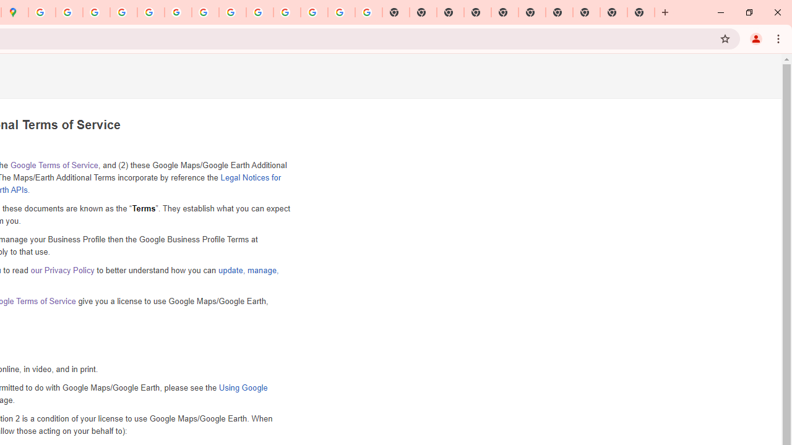  Describe the element at coordinates (665, 12) in the screenshot. I see `'New Tab'` at that location.